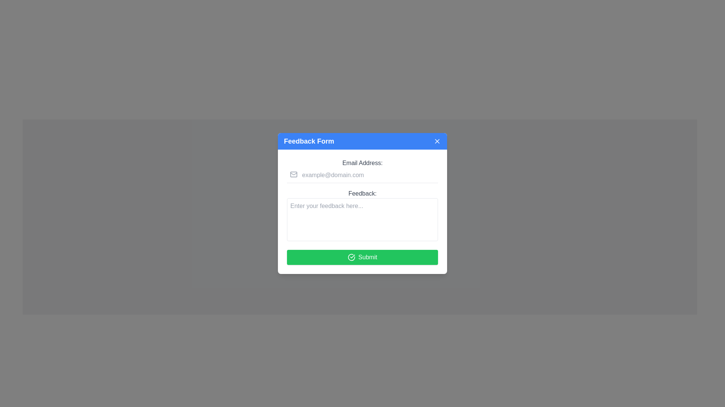  I want to click on the text label within the green button that indicates submission of the associated form, located at the center bottom of the modal, to the right of a circular checkmark icon, so click(368, 257).